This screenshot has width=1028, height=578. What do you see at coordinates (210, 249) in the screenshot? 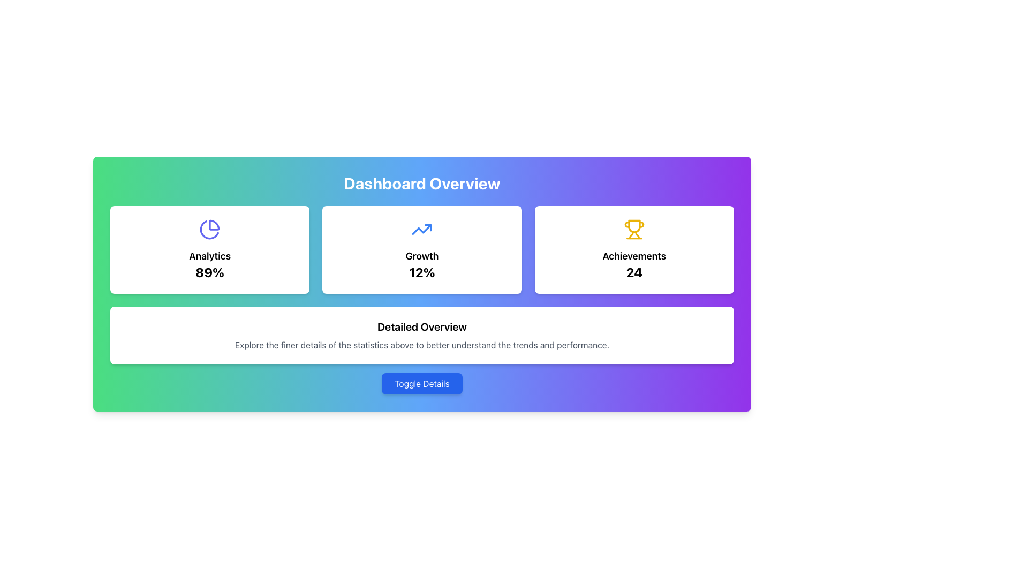
I see `the Summary Card which displays an '89%' analytics percentage and a pie chart icon, positioned as the leftmost card in a grid arrangement` at bounding box center [210, 249].